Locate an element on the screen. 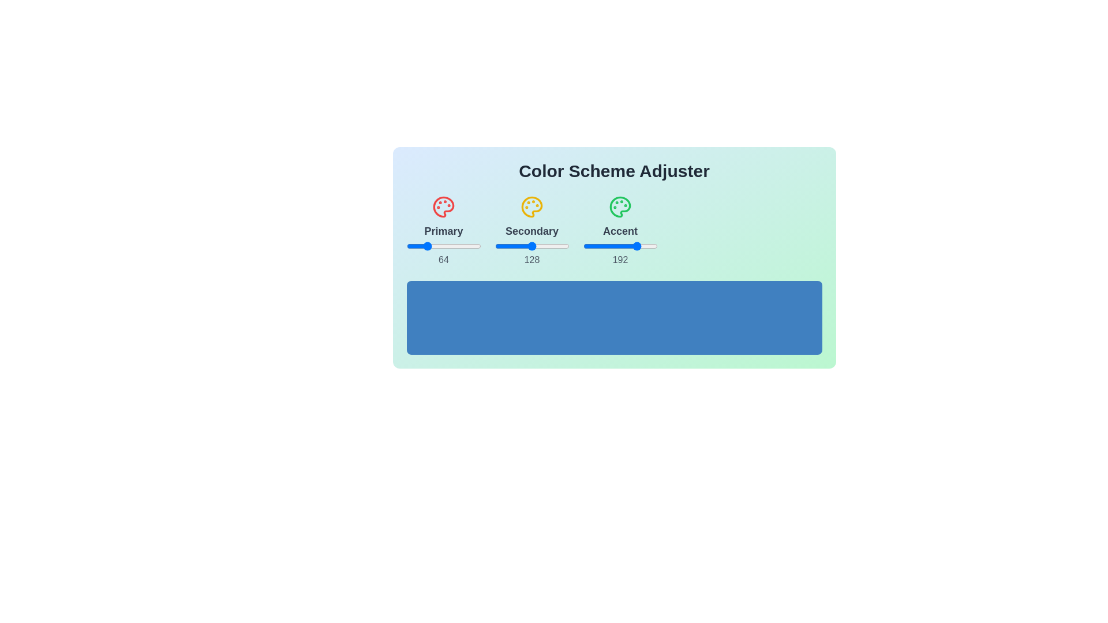  the Accent slider to 143 within its range is located at coordinates (624, 246).